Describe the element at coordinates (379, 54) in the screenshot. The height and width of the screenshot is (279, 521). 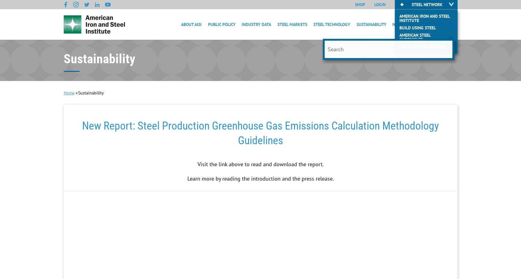
I see `'Industry Commitment'` at that location.